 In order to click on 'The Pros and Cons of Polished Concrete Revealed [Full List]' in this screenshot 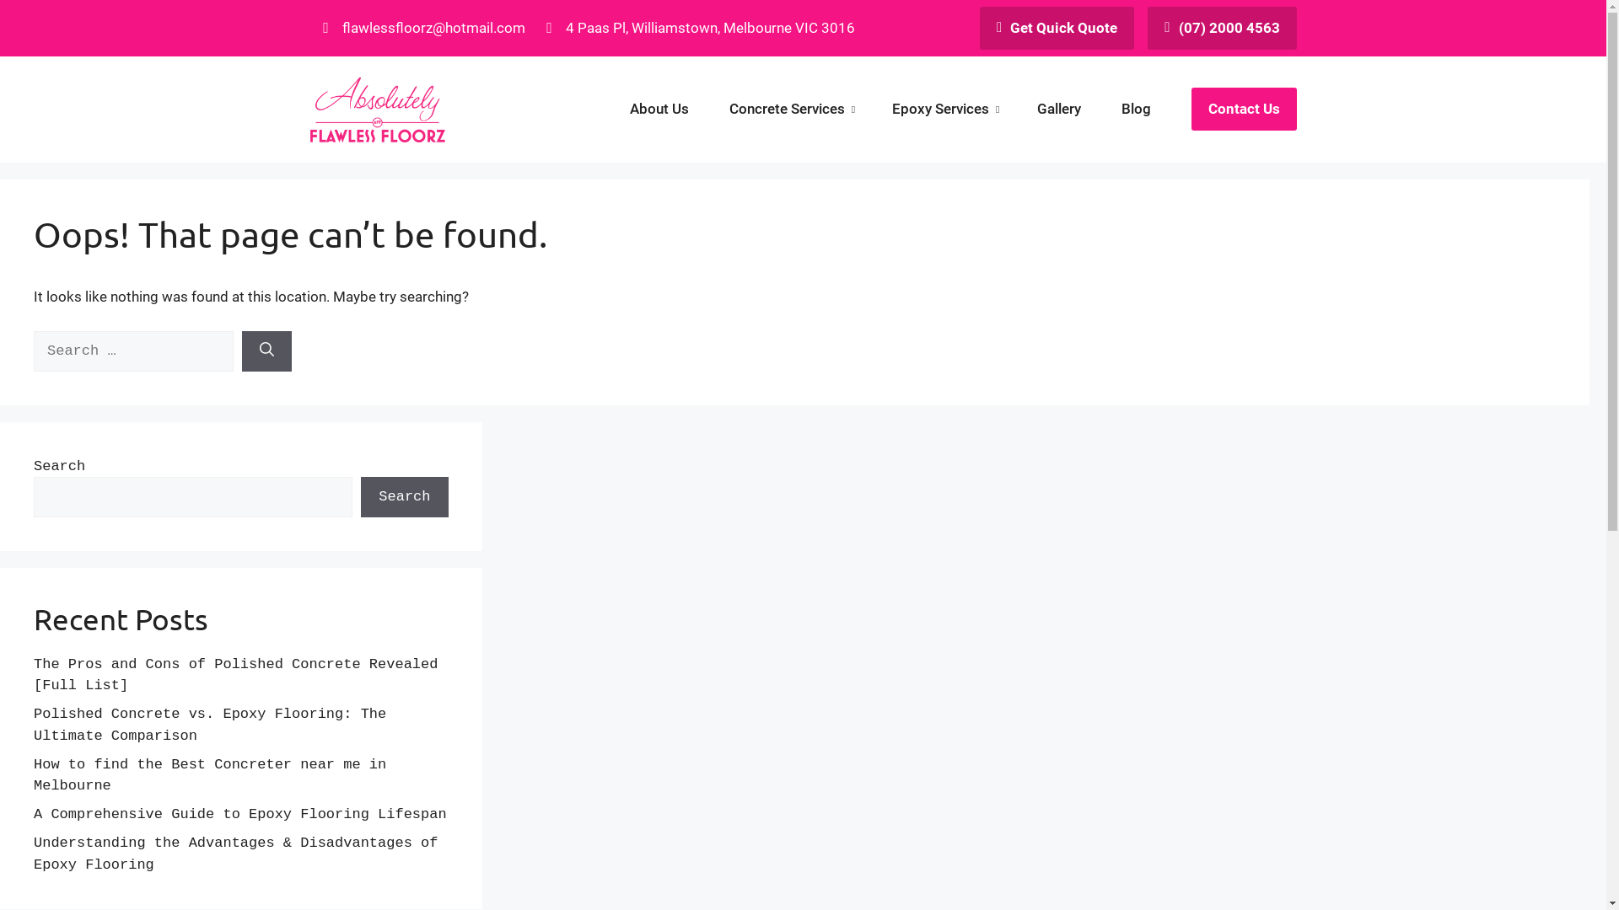, I will do `click(234, 674)`.